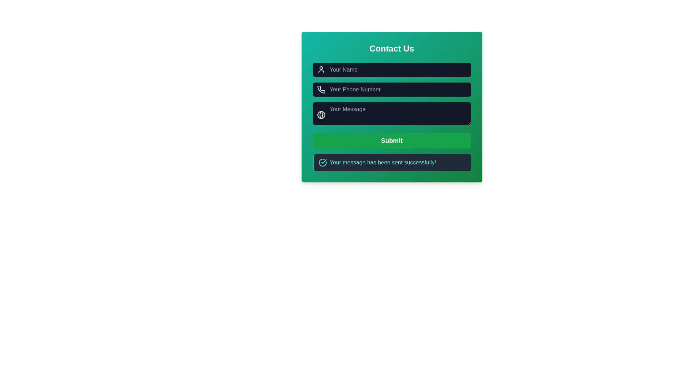 The height and width of the screenshot is (381, 678). Describe the element at coordinates (391, 48) in the screenshot. I see `the static text heading that indicates the purpose of the form, positioned in the top section of a green gradient box` at that location.